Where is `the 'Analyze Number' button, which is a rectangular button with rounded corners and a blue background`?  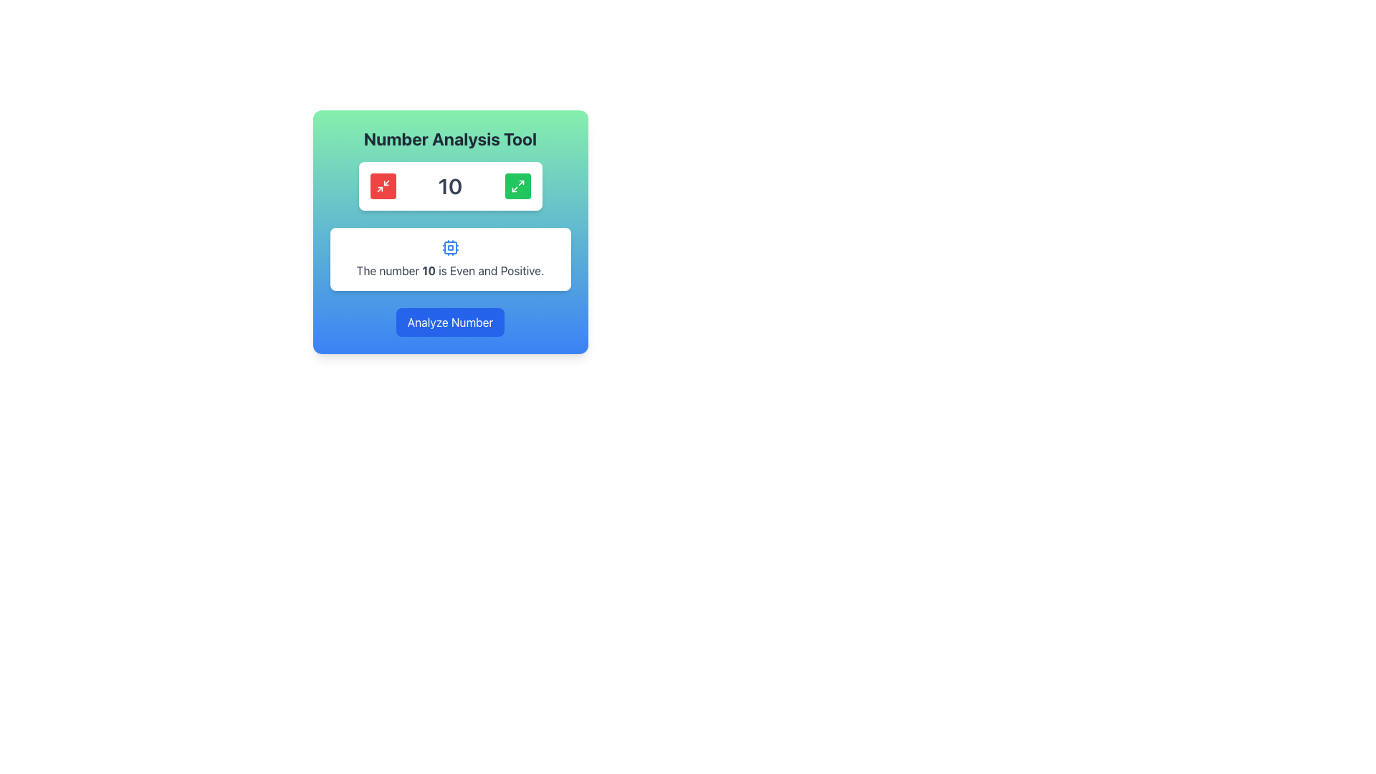
the 'Analyze Number' button, which is a rectangular button with rounded corners and a blue background is located at coordinates (449, 322).